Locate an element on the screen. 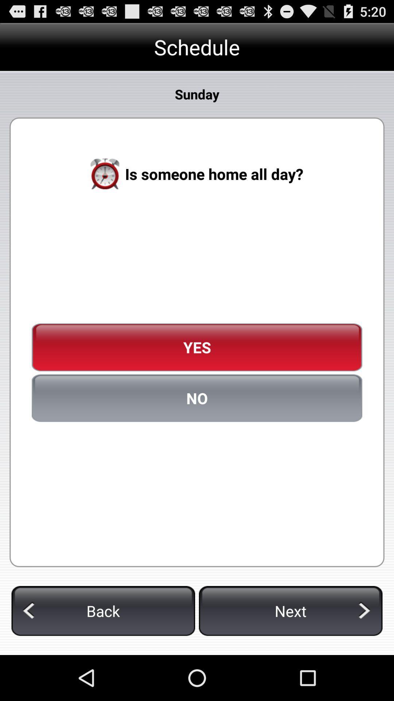 Image resolution: width=394 pixels, height=701 pixels. the radio button below no item is located at coordinates (103, 611).